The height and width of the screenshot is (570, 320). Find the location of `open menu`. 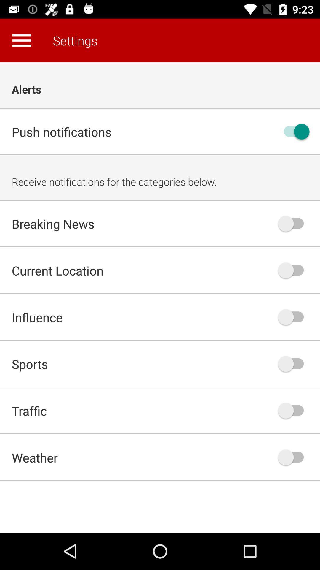

open menu is located at coordinates (21, 40).